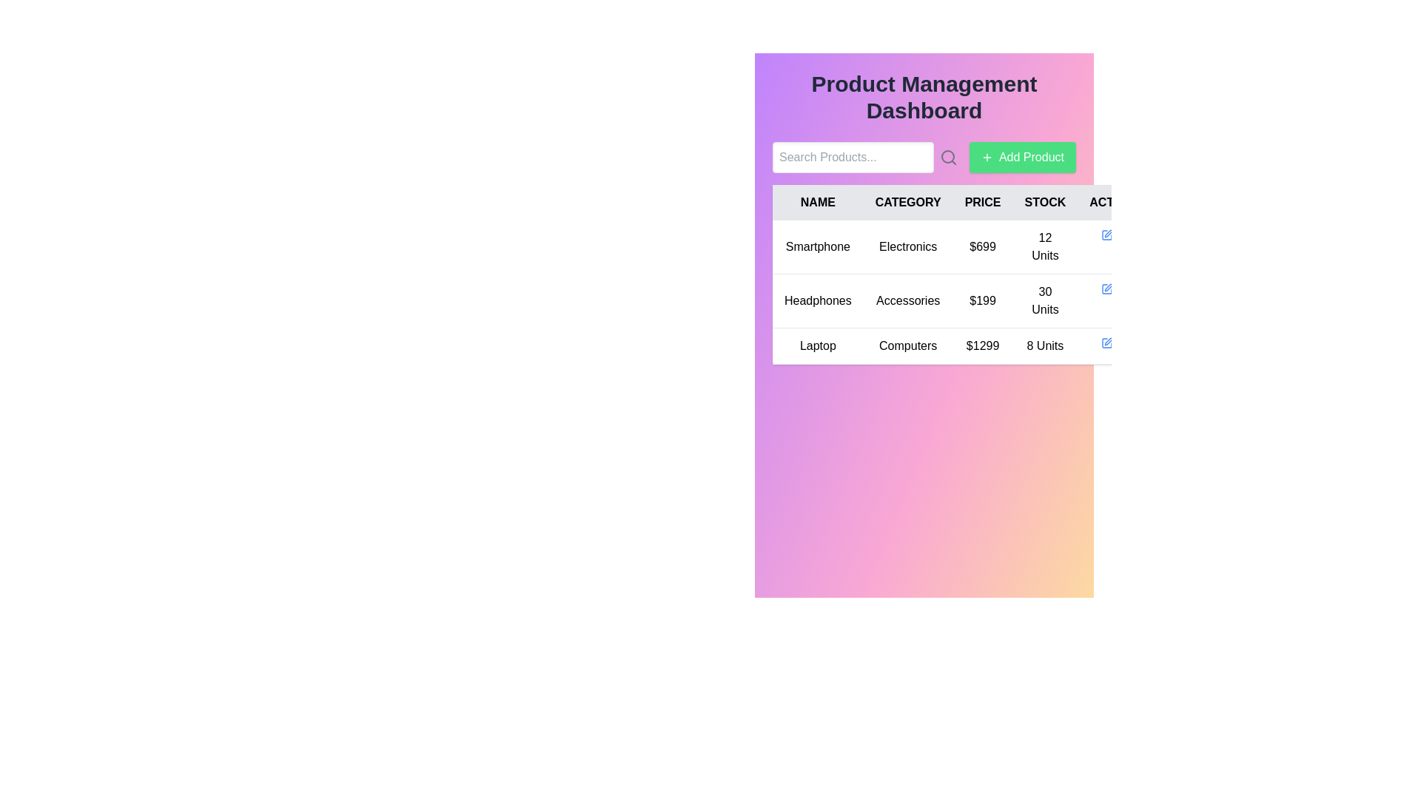 This screenshot has height=799, width=1421. I want to click on text display element showing the stock quantity of '30 Units' for the product 'Headphones' located in the fourth column of the second row in the product management dashboard, so click(1044, 300).